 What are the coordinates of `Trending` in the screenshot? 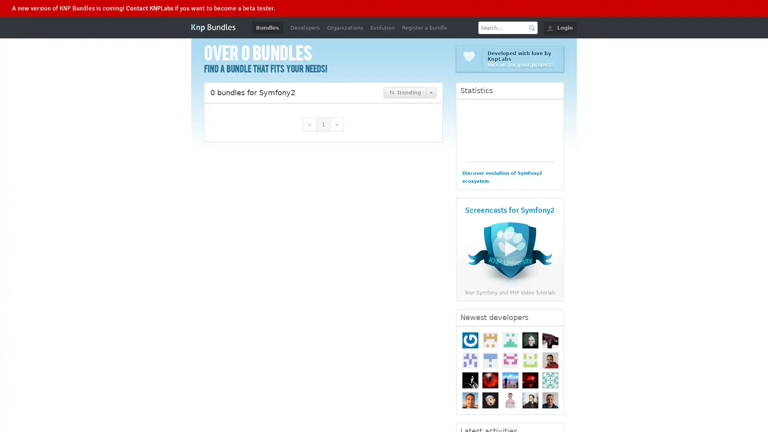 It's located at (405, 92).